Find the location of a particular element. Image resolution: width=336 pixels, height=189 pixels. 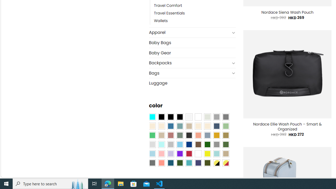

'Purple Navy' is located at coordinates (198, 162).